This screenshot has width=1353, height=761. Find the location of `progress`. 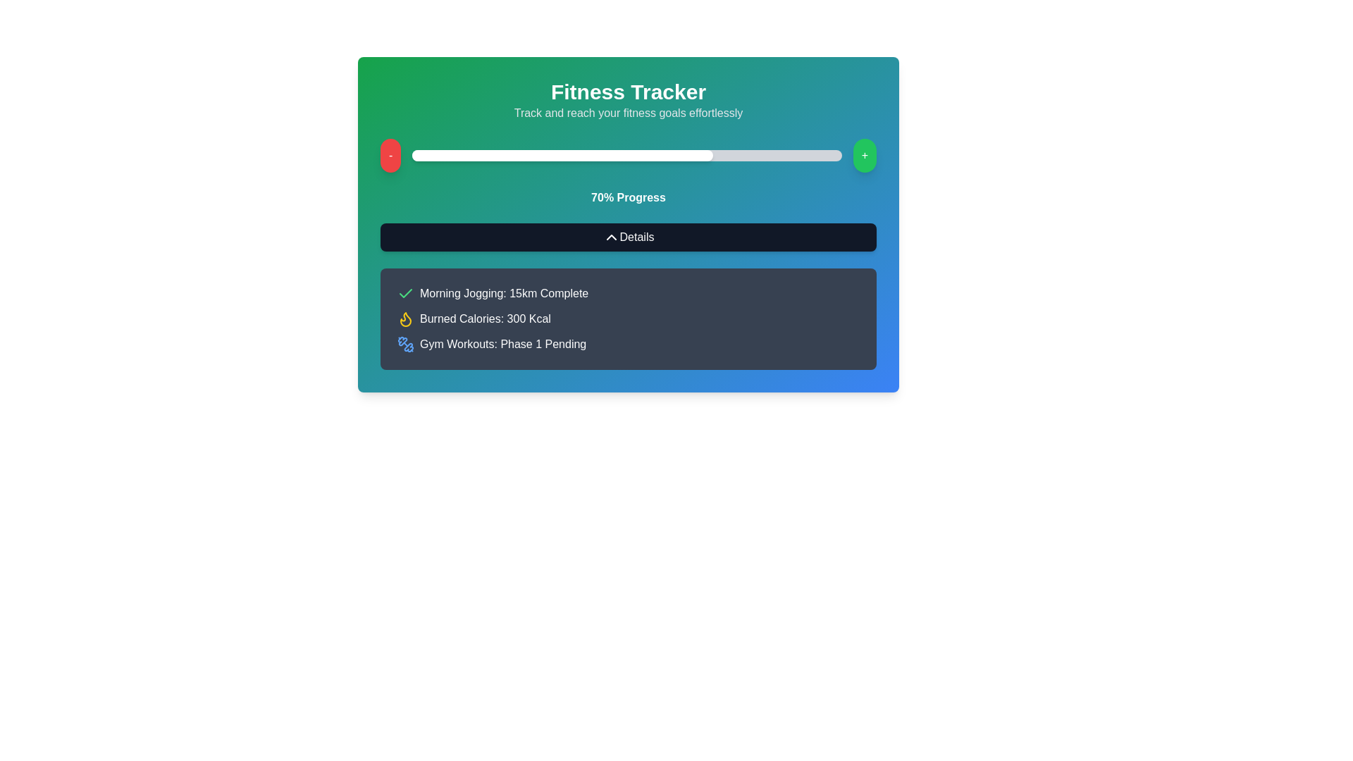

progress is located at coordinates (812, 155).